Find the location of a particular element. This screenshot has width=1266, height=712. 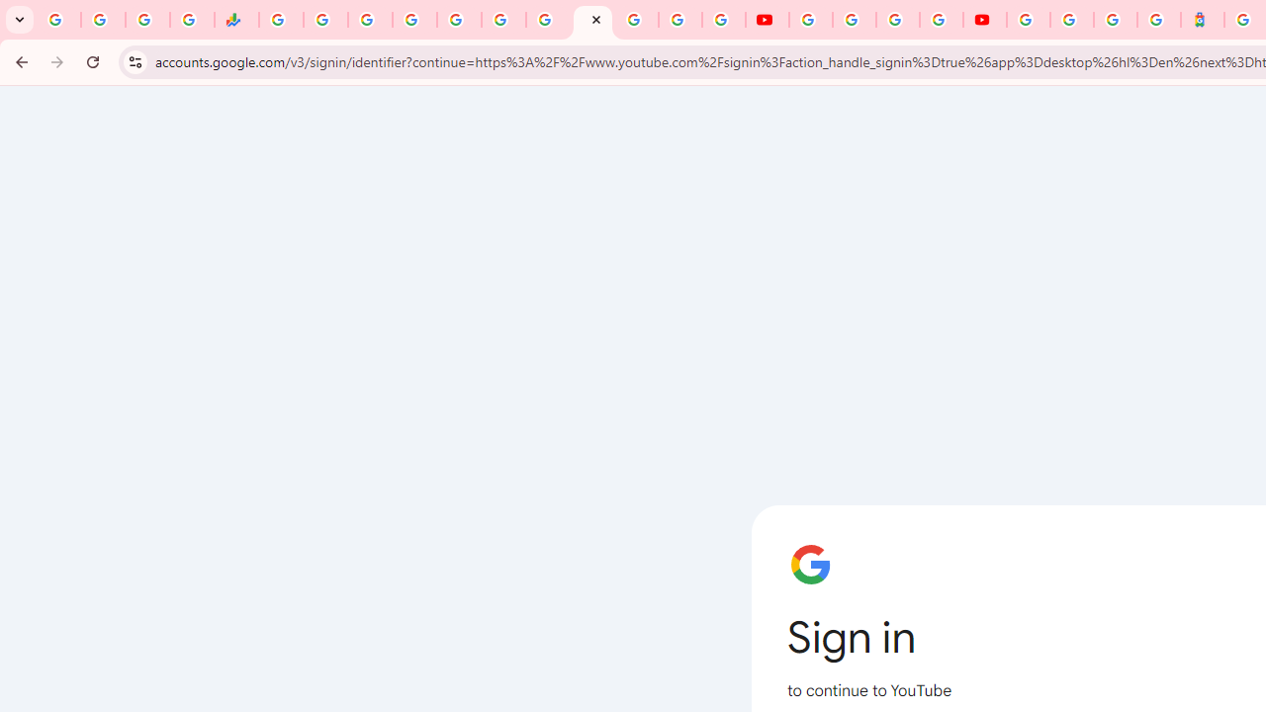

'YouTube' is located at coordinates (766, 20).